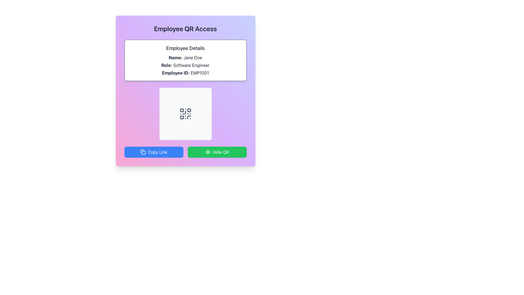  What do you see at coordinates (175, 58) in the screenshot?
I see `the Text Label that introduces the user's name preceding 'Jane Doe' in the 'Employee Details' section of the modal` at bounding box center [175, 58].